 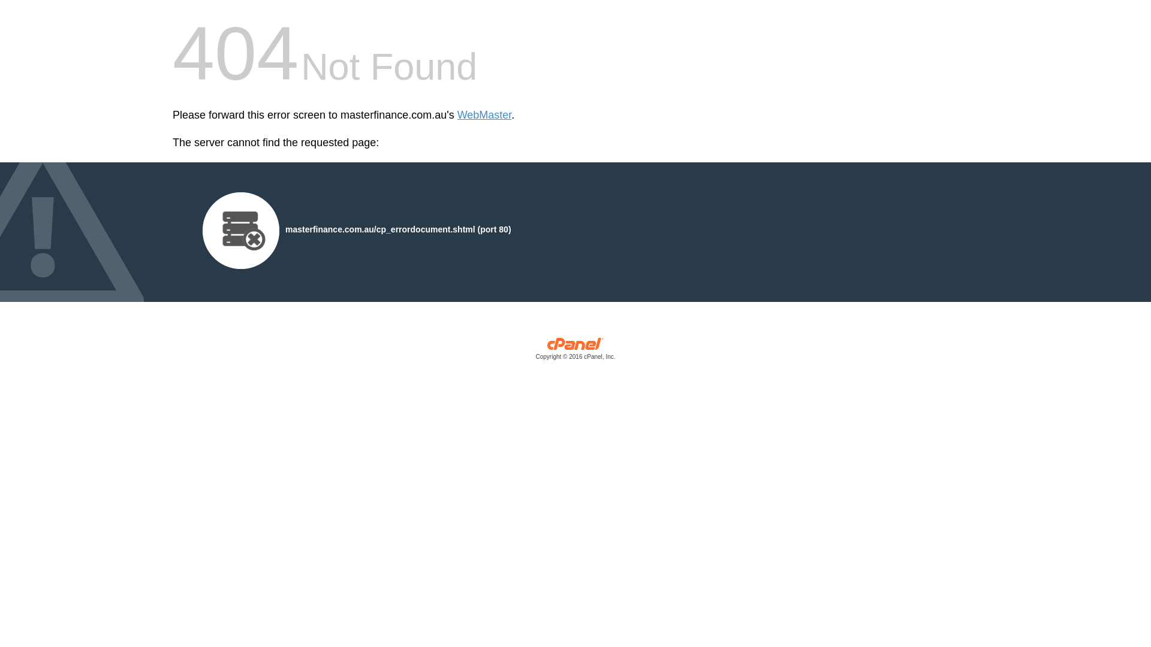 I want to click on 'WebMaster', so click(x=457, y=115).